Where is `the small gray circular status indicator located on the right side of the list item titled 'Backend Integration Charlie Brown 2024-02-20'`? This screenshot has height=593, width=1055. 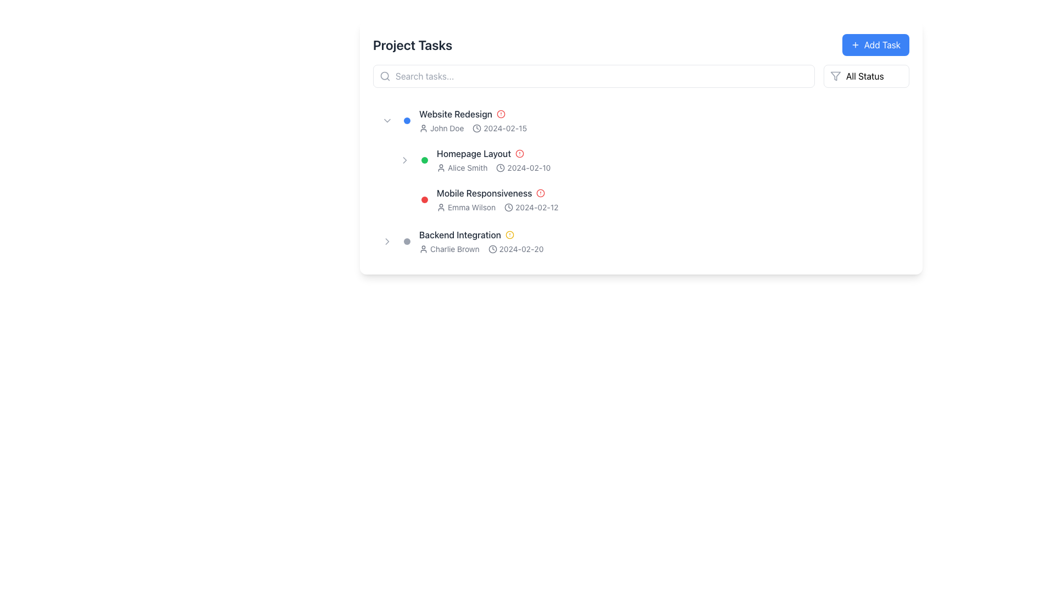
the small gray circular status indicator located on the right side of the list item titled 'Backend Integration Charlie Brown 2024-02-20' is located at coordinates (406, 240).